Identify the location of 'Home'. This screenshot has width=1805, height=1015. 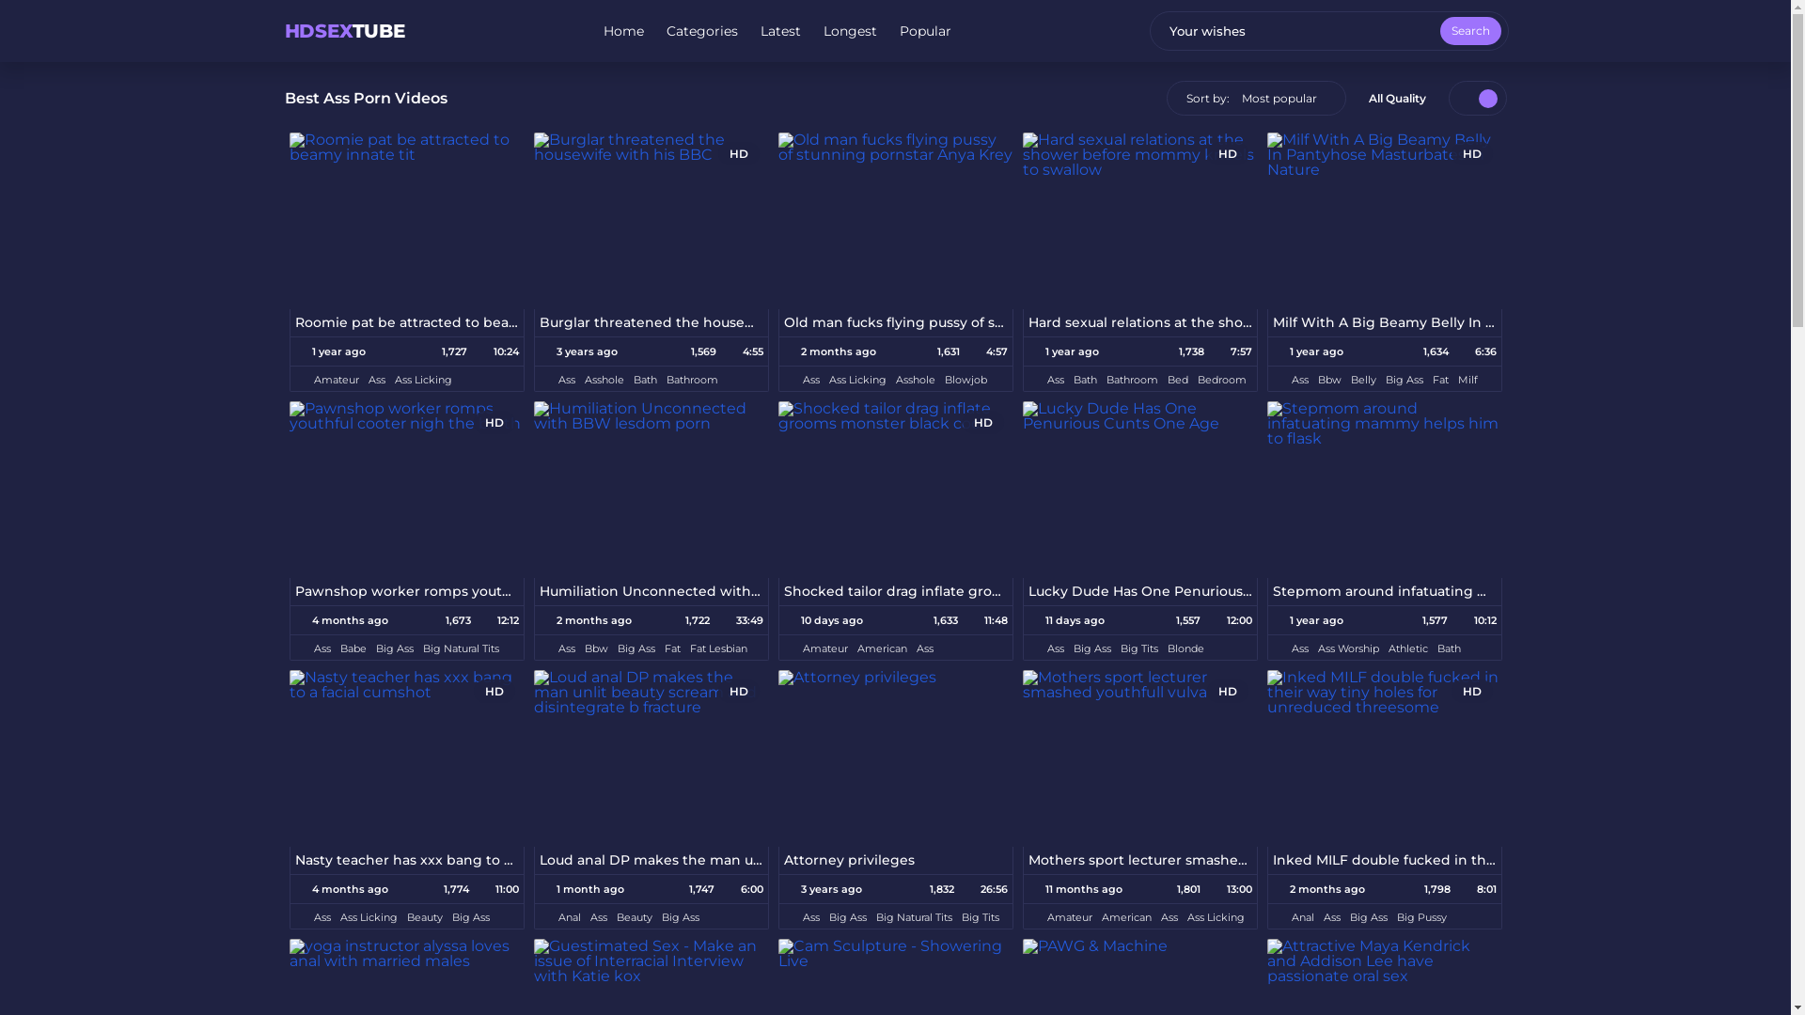
(604, 31).